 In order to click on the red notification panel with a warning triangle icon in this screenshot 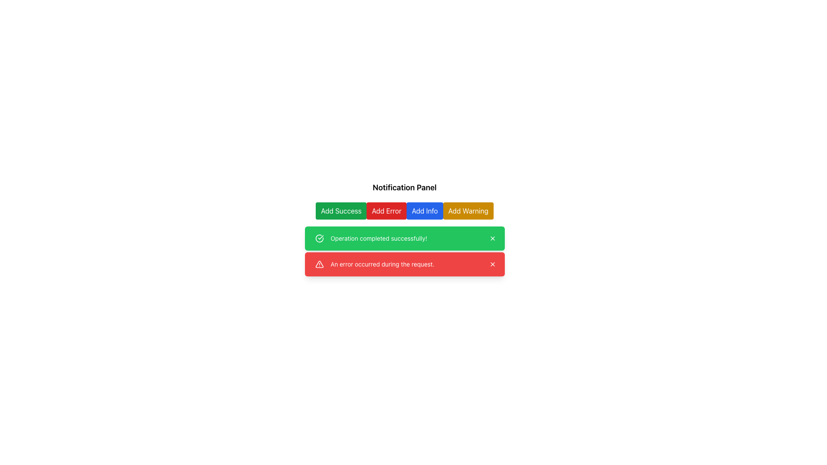, I will do `click(404, 263)`.